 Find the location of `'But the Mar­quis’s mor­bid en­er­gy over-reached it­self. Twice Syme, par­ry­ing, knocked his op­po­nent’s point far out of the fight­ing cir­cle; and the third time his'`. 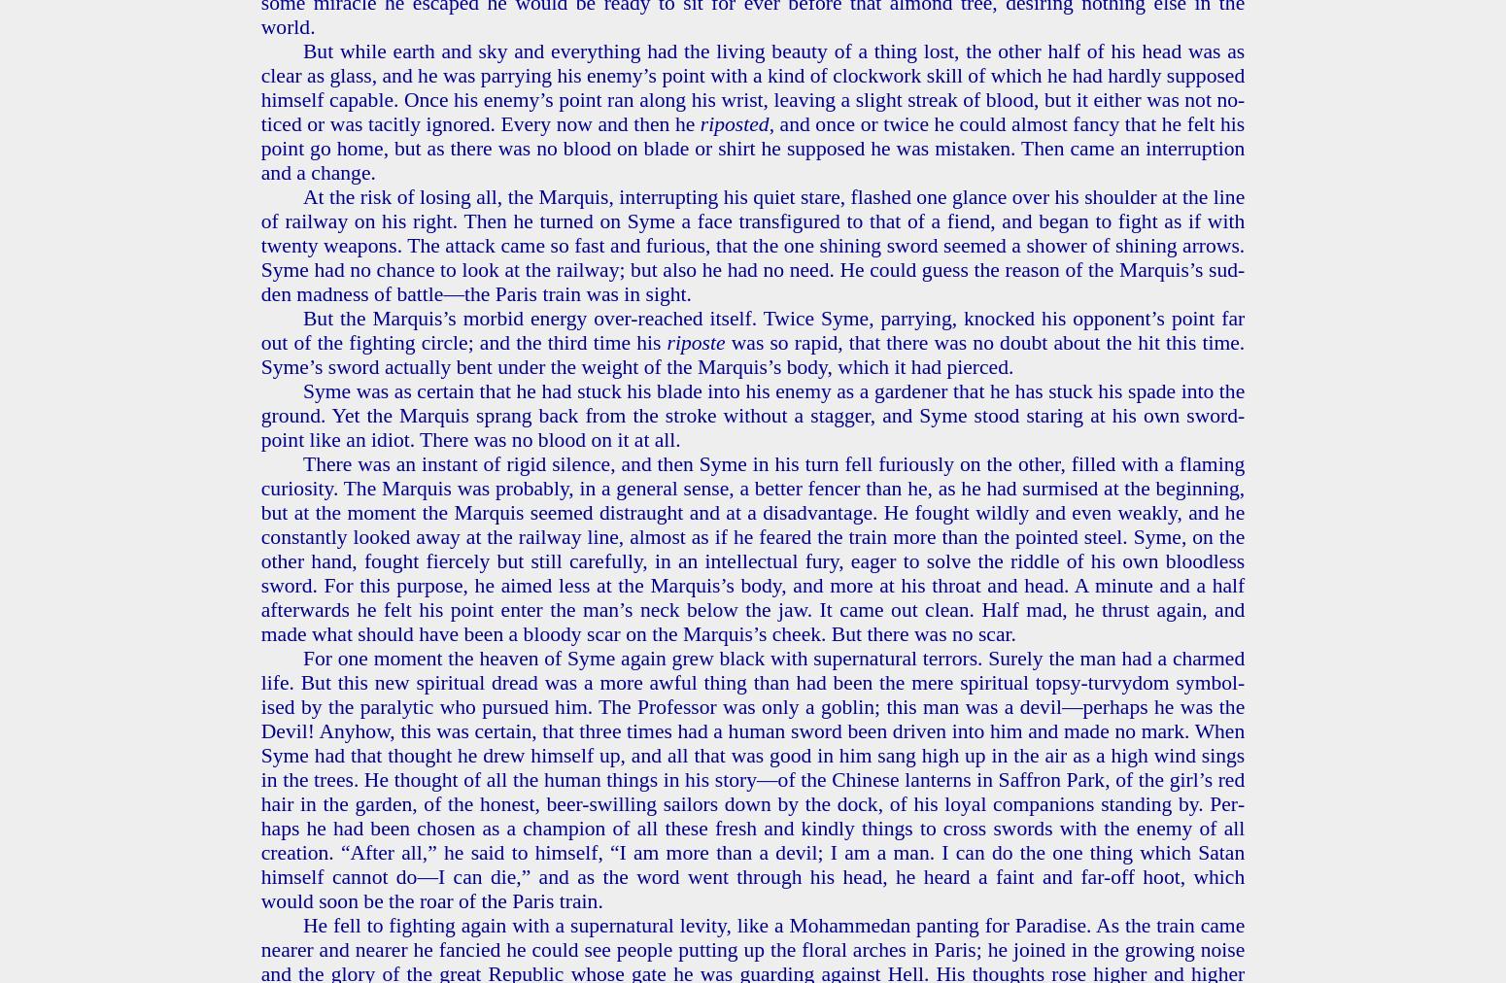

'But the Mar­quis’s mor­bid en­er­gy over-reached it­self. Twice Syme, par­ry­ing, knocked his op­po­nent’s point far out of the fight­ing cir­cle; and the third time his' is located at coordinates (752, 328).